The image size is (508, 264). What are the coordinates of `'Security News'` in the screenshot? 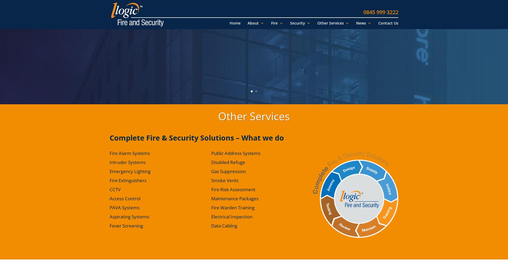 It's located at (374, 53).